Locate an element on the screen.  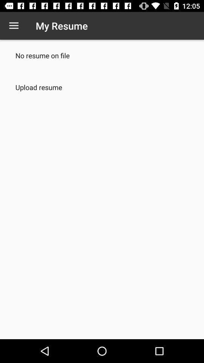
icon above the no resume on icon is located at coordinates (14, 26).